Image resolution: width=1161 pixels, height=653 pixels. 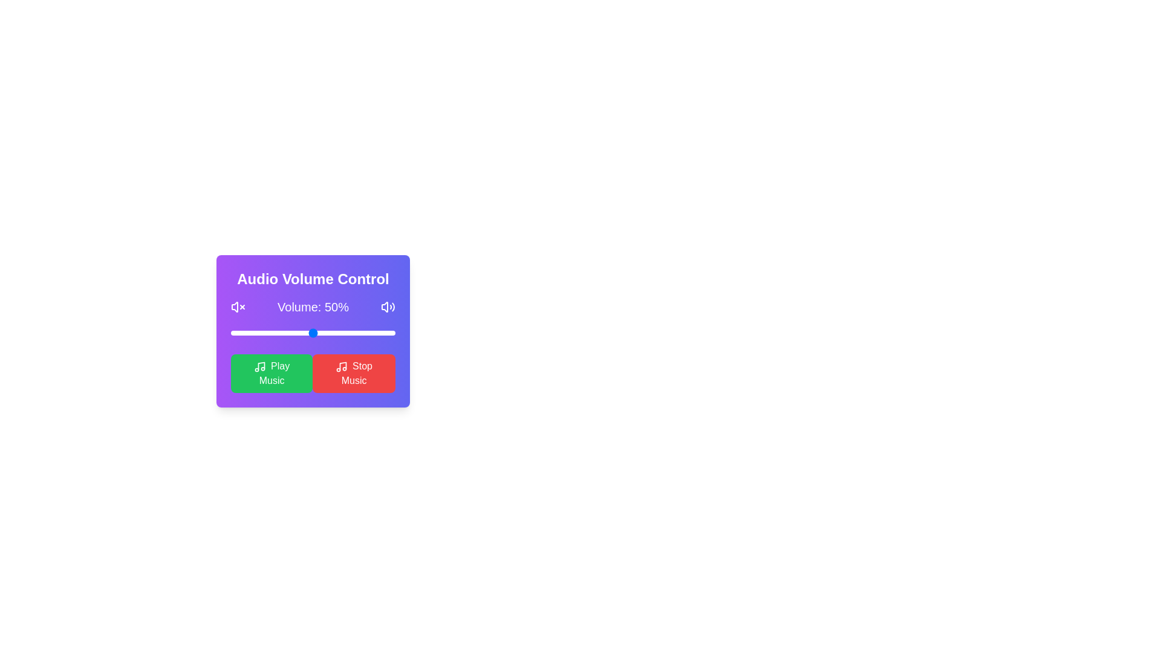 I want to click on the volume slider located in the 'Audio Volume Control' section, positioned below the text 'Volume: 50%' and above the 'Play Music' and 'Stop Music' buttons, so click(x=313, y=333).